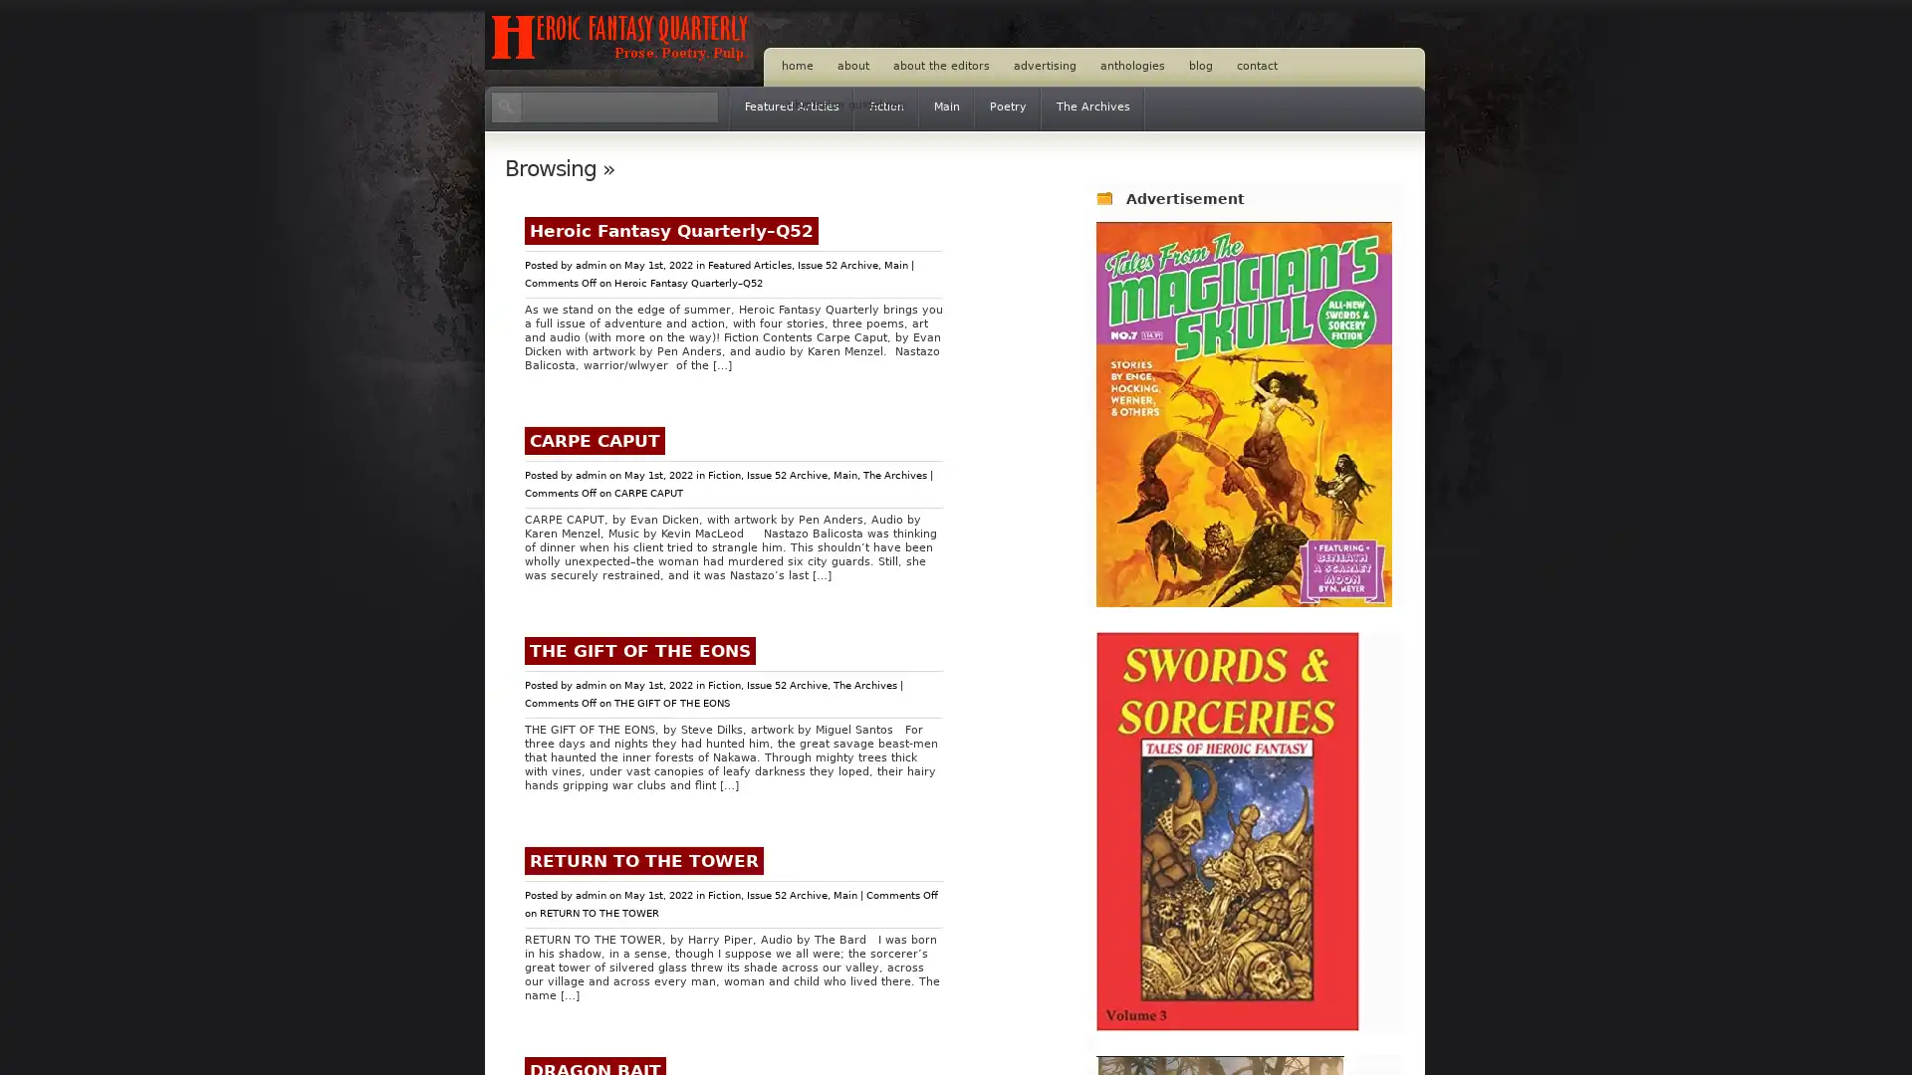 Image resolution: width=1912 pixels, height=1075 pixels. What do you see at coordinates (506, 107) in the screenshot?
I see `Search` at bounding box center [506, 107].